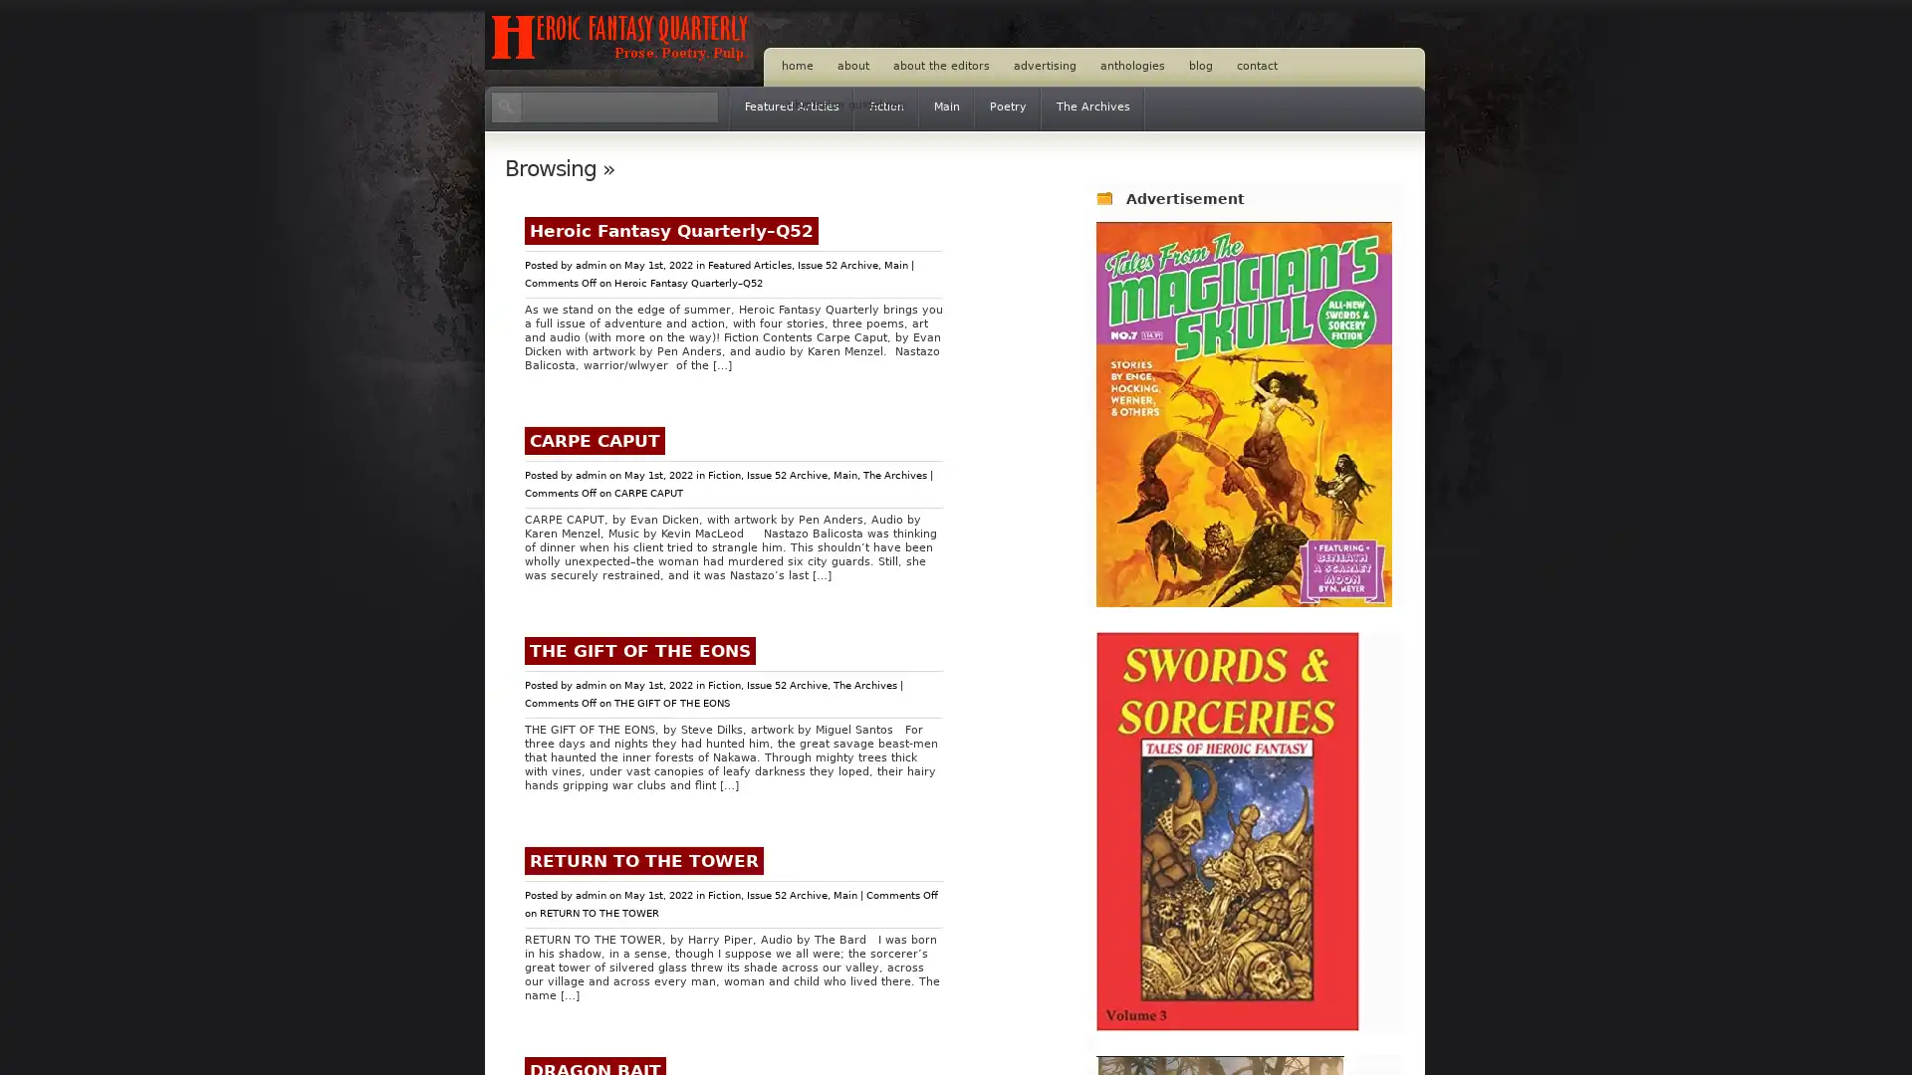 Image resolution: width=1912 pixels, height=1075 pixels. What do you see at coordinates (506, 107) in the screenshot?
I see `Search` at bounding box center [506, 107].